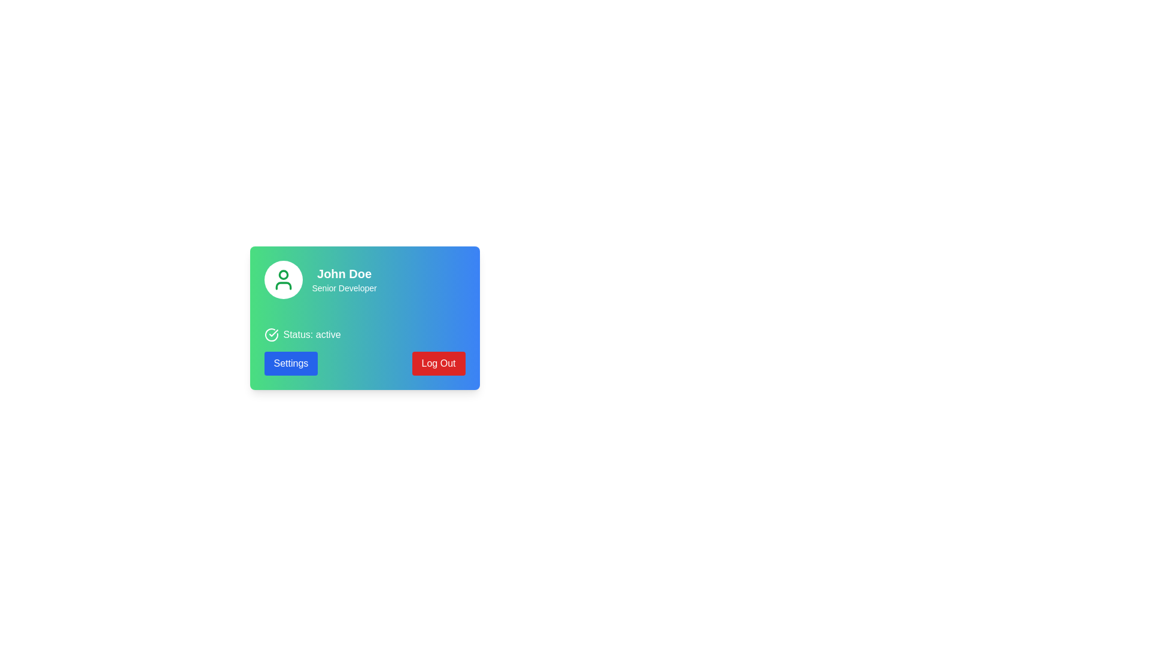  Describe the element at coordinates (291, 363) in the screenshot. I see `the settings button located in the bottom-left section of the gradient card interface, positioned to the left of the red 'Log Out' button` at that location.